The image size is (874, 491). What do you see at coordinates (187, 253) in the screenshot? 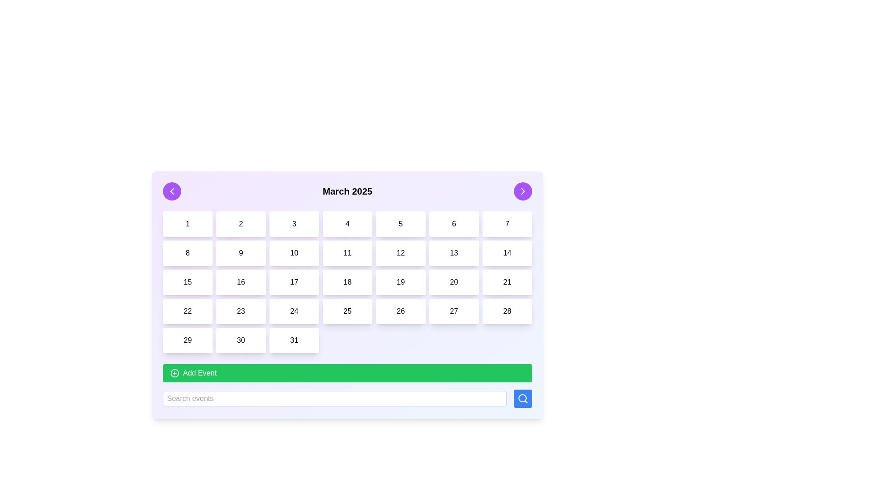
I see `the text label representing the 8th day in the calendar view, which is located in the second row and first column of the grid layout` at bounding box center [187, 253].